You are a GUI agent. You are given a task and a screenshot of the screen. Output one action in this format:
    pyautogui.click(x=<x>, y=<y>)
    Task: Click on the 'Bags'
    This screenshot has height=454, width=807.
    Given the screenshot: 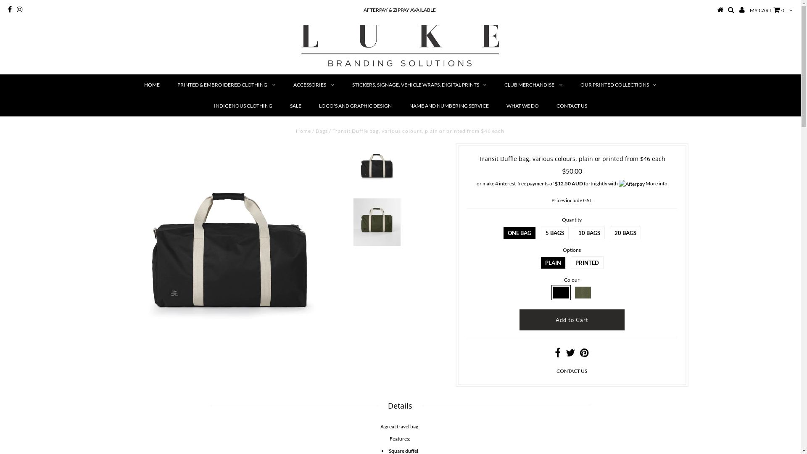 What is the action you would take?
    pyautogui.click(x=321, y=131)
    